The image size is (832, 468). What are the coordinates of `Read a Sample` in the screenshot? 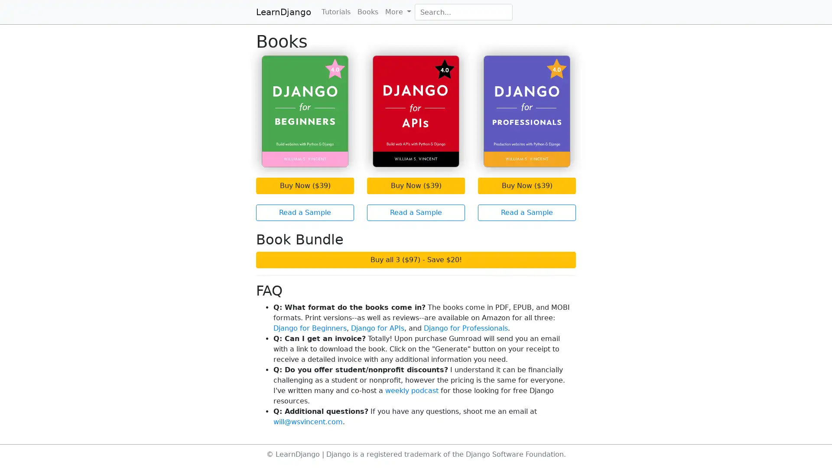 It's located at (416, 212).